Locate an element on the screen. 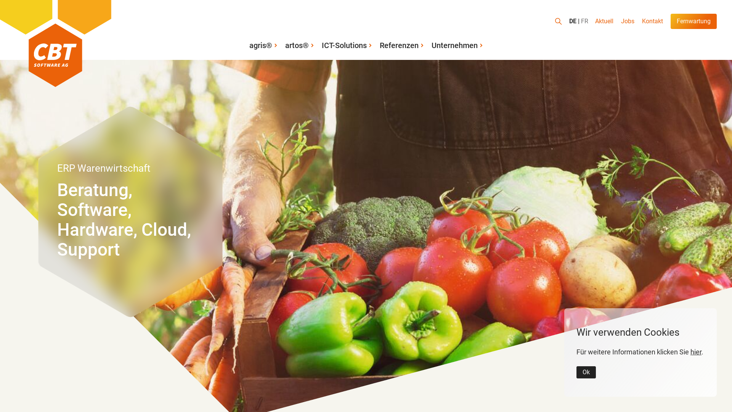 The width and height of the screenshot is (732, 412). 'ICT-Solutions' is located at coordinates (347, 45).